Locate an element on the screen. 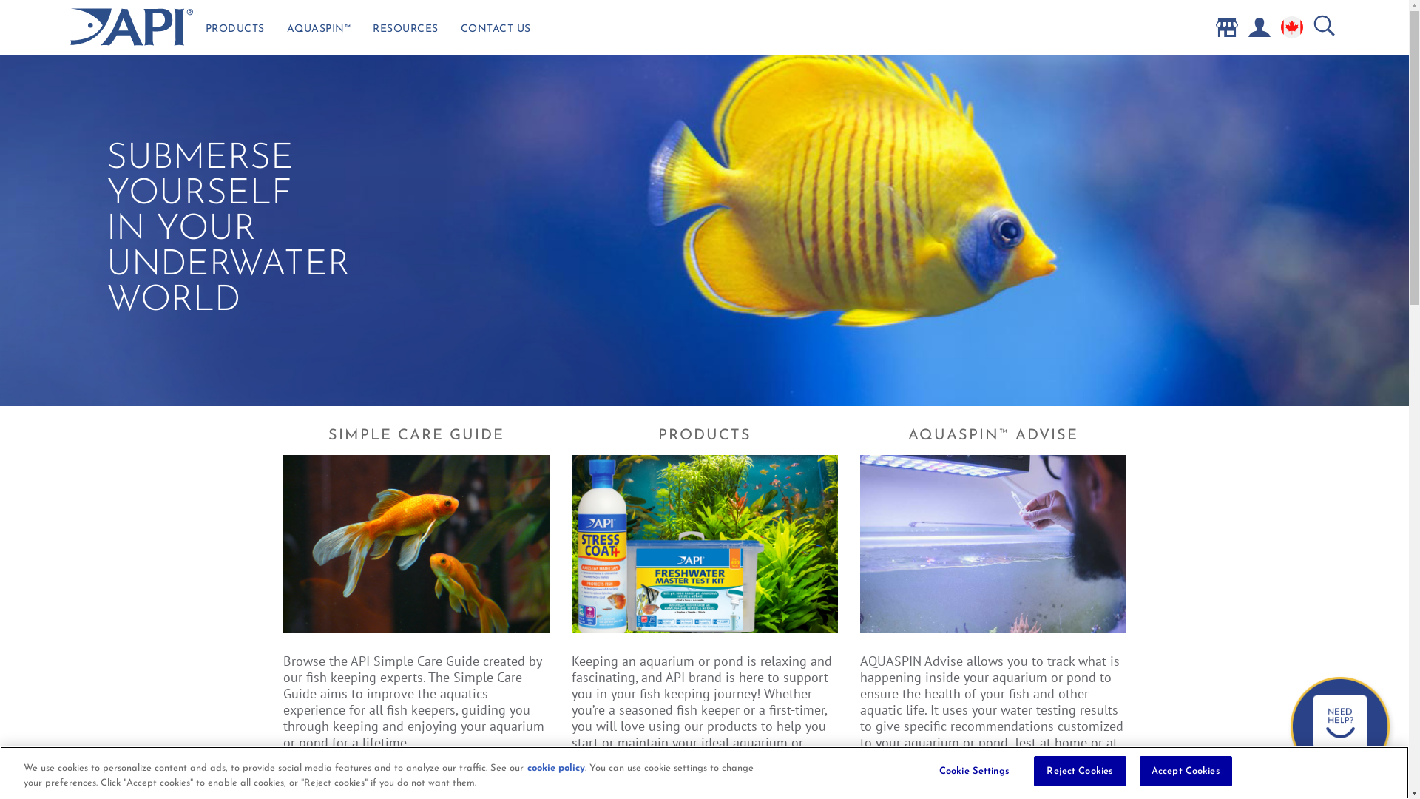 The width and height of the screenshot is (1420, 799). 'CONTACT US' is located at coordinates (496, 33).